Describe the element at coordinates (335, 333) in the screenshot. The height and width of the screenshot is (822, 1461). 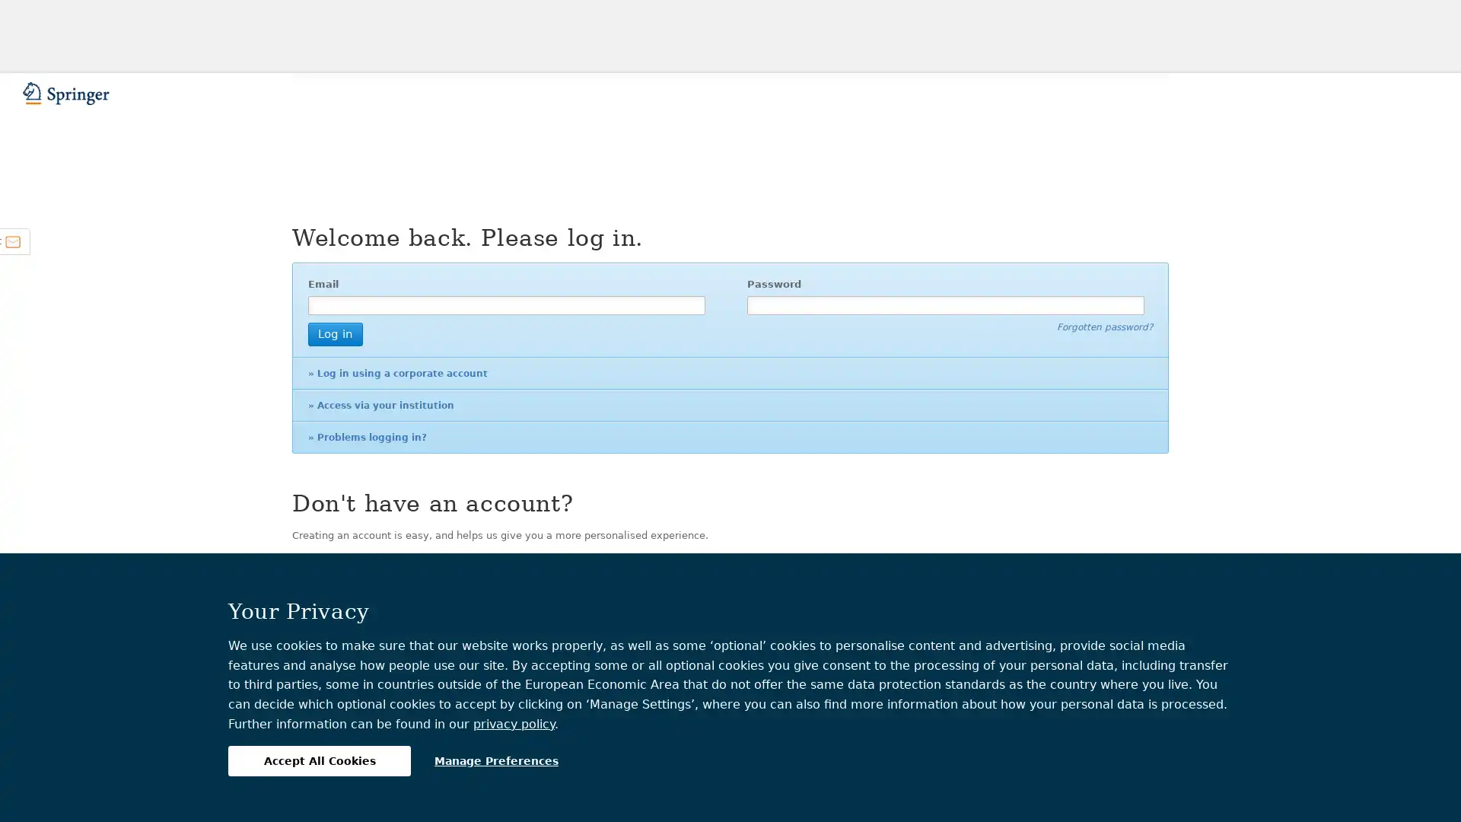
I see `Log in` at that location.